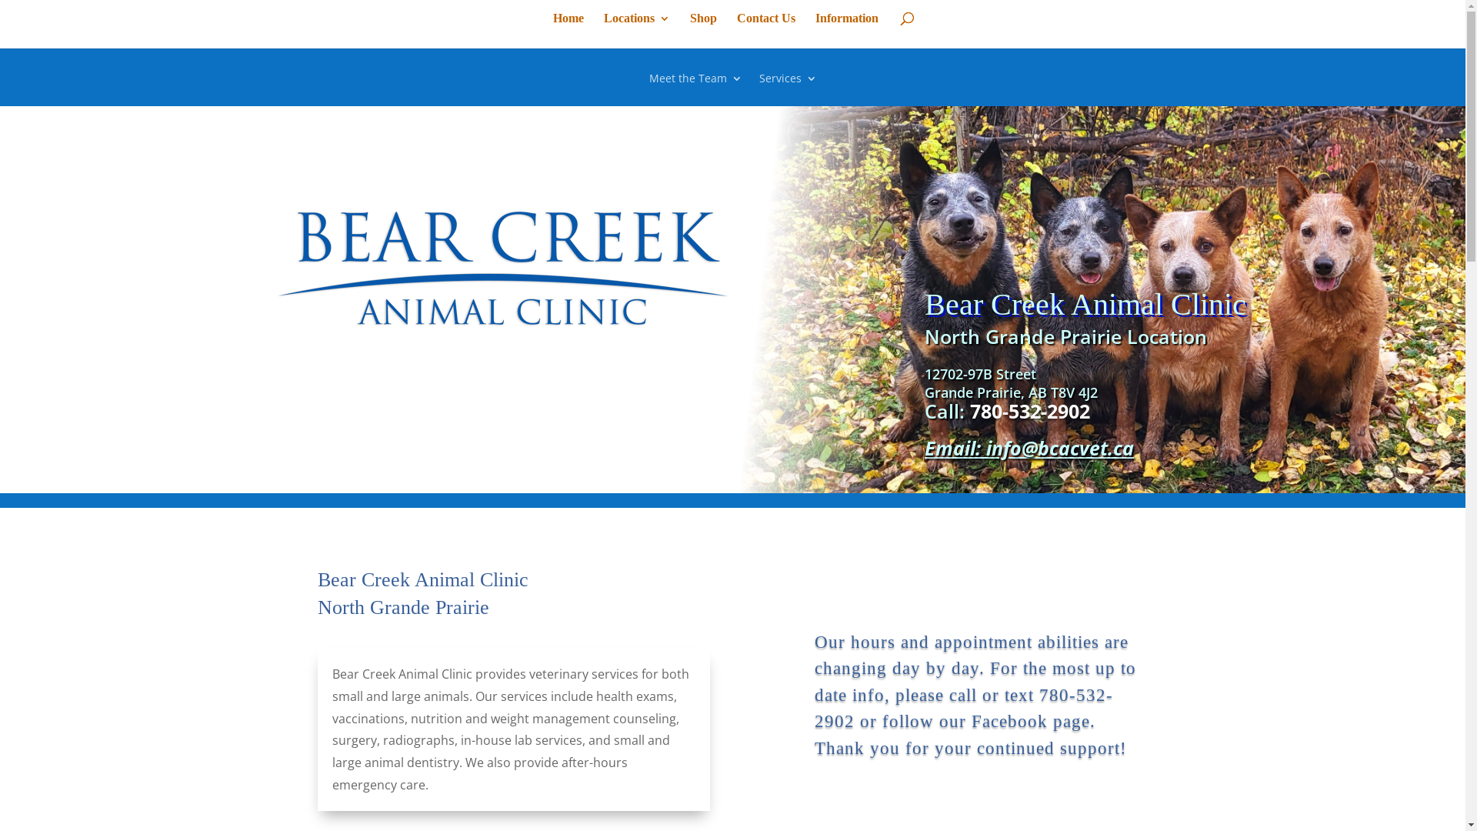 The width and height of the screenshot is (1477, 831). What do you see at coordinates (766, 30) in the screenshot?
I see `'Contact Us'` at bounding box center [766, 30].